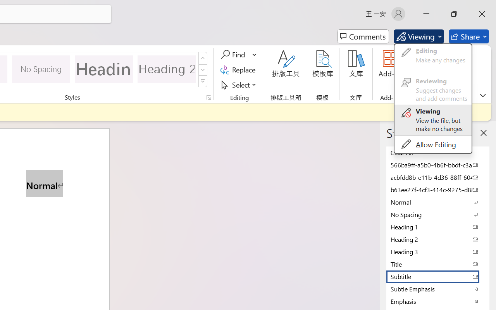 This screenshot has height=310, width=496. What do you see at coordinates (438, 251) in the screenshot?
I see `'Heading 3'` at bounding box center [438, 251].